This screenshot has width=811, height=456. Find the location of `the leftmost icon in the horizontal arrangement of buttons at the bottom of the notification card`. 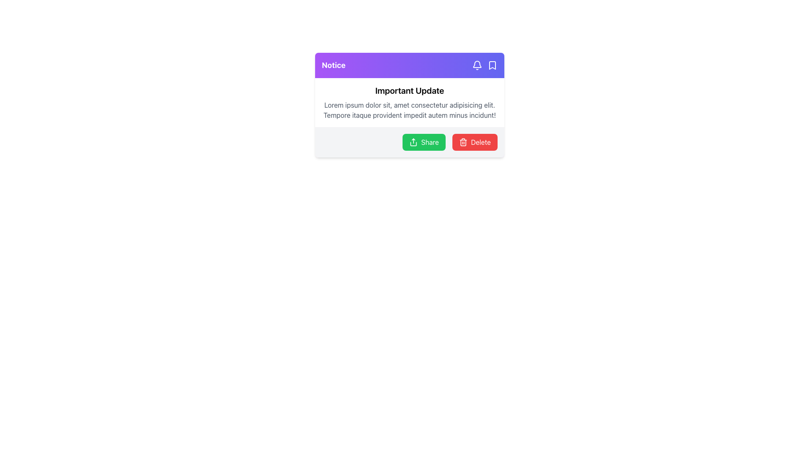

the leftmost icon in the horizontal arrangement of buttons at the bottom of the notification card is located at coordinates (414, 141).